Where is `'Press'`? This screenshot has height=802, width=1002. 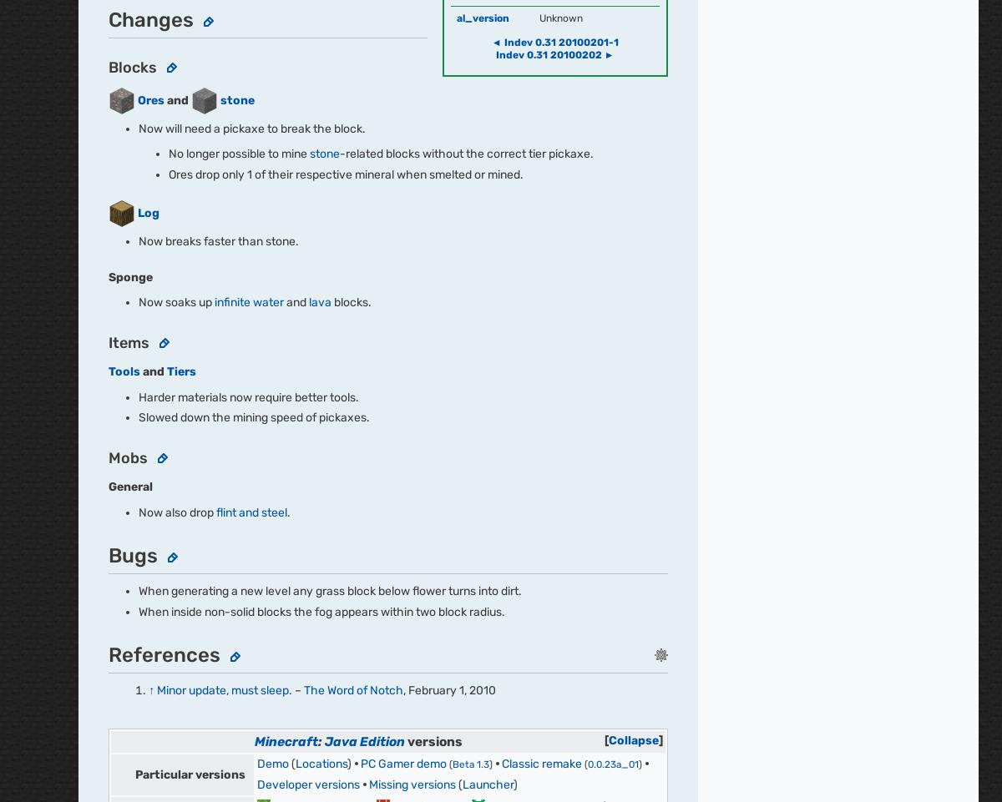 'Press' is located at coordinates (342, 320).